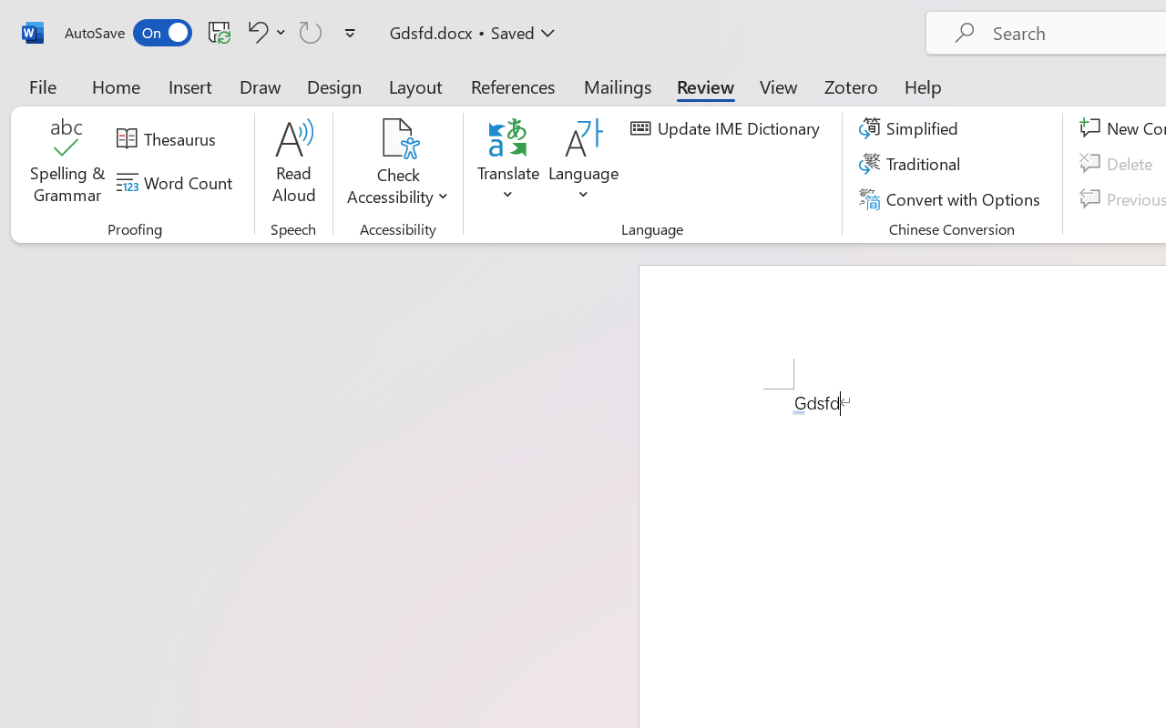  I want to click on 'Language', so click(584, 163).